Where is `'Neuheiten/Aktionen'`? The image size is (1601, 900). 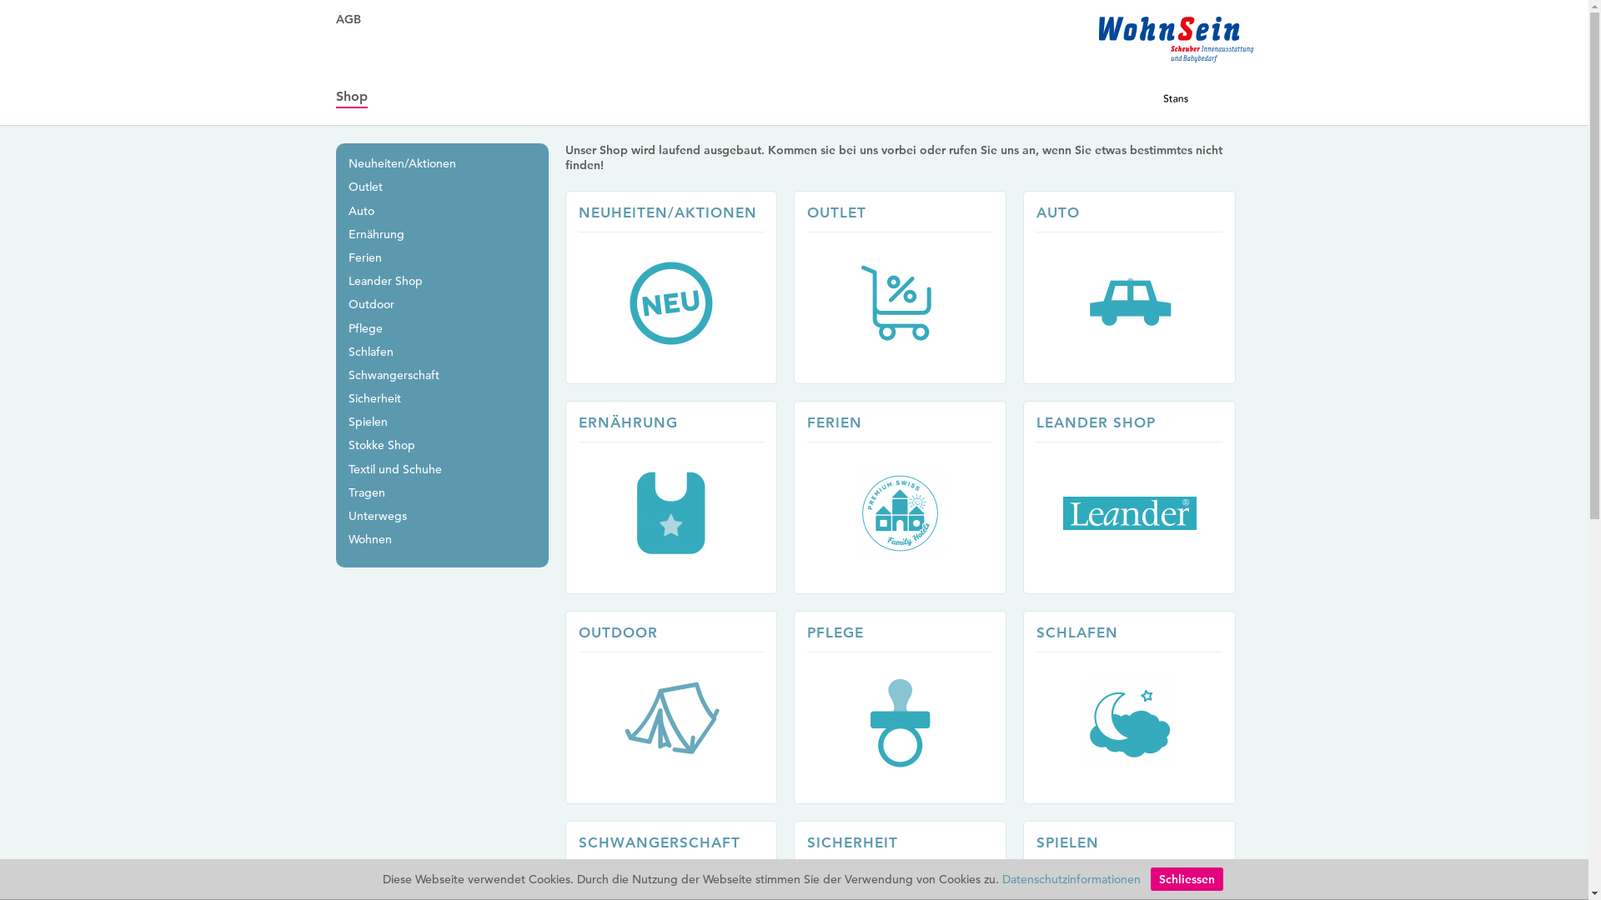 'Neuheiten/Aktionen' is located at coordinates (402, 163).